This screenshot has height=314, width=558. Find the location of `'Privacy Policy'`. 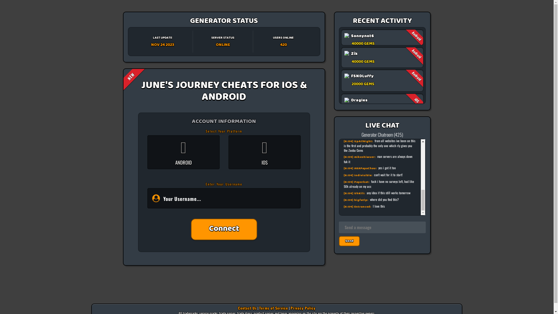

'Privacy Policy' is located at coordinates (303, 308).